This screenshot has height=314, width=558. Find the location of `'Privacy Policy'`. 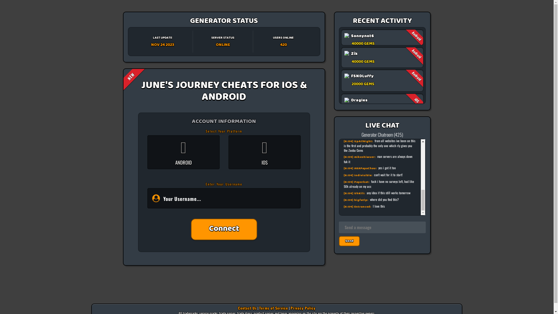

'Privacy Policy' is located at coordinates (303, 308).